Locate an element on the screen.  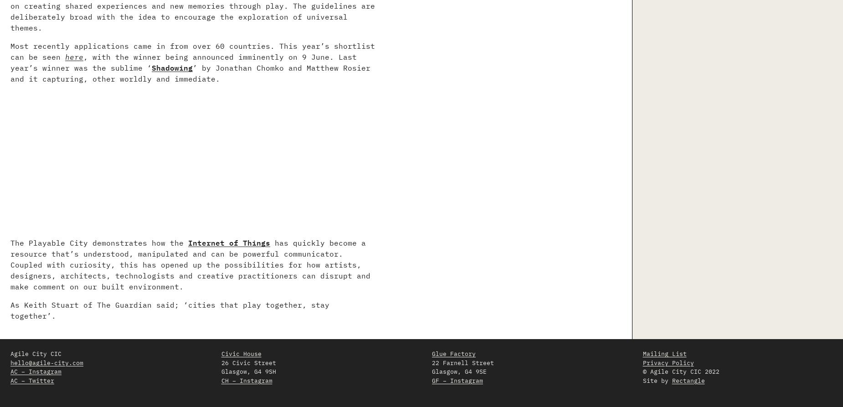
'Civic House' is located at coordinates (241, 353).